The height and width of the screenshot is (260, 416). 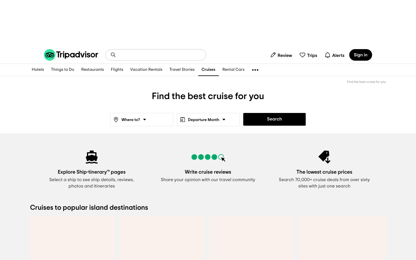 What do you see at coordinates (360, 55) in the screenshot?
I see `the login screen` at bounding box center [360, 55].